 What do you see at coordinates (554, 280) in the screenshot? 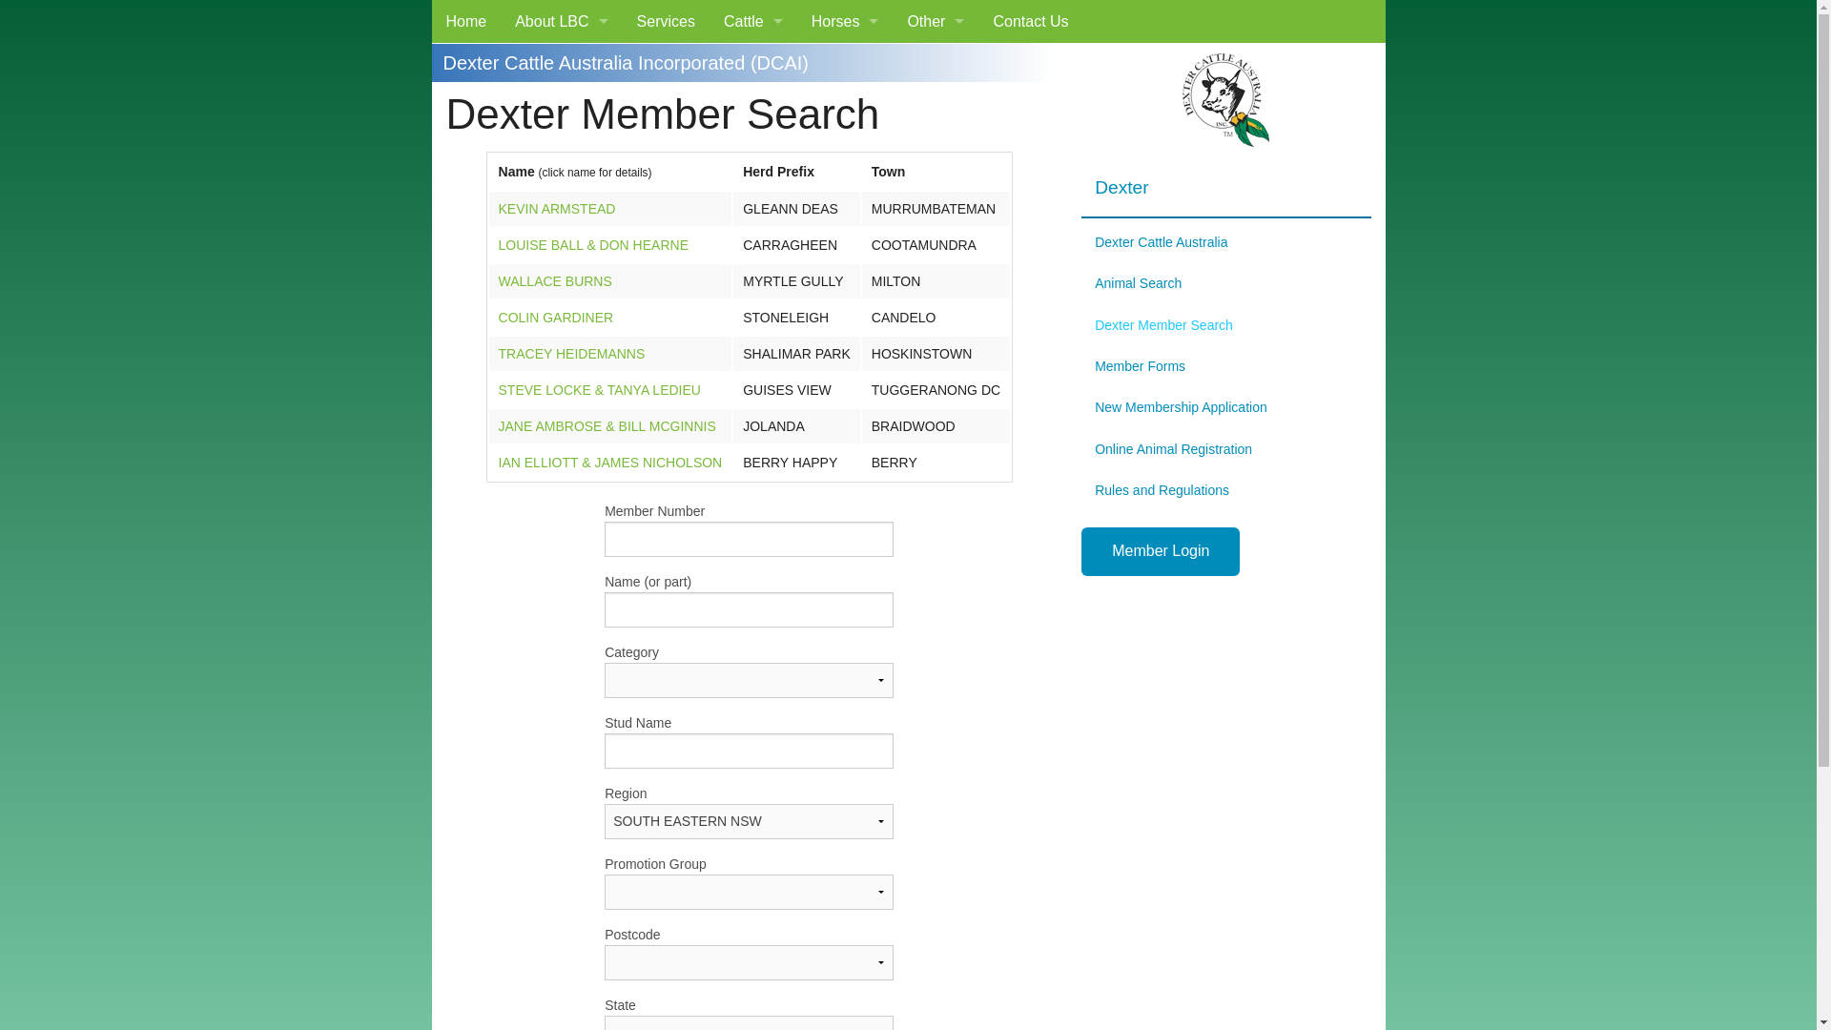
I see `'WALLACE BURNS'` at bounding box center [554, 280].